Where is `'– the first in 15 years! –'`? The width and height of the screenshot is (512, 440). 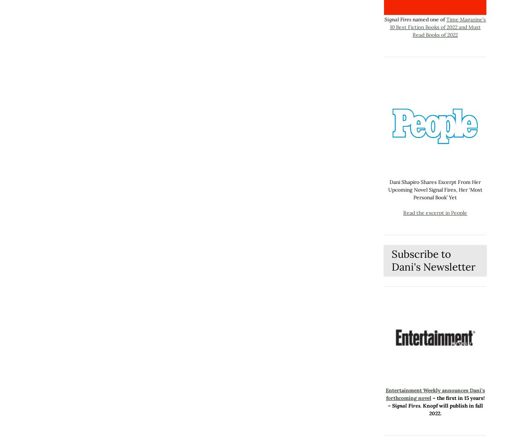
'– the first in 15 years! –' is located at coordinates (436, 401).